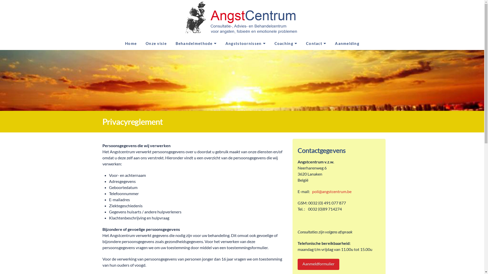 The width and height of the screenshot is (488, 274). I want to click on 'Contact', so click(316, 44).